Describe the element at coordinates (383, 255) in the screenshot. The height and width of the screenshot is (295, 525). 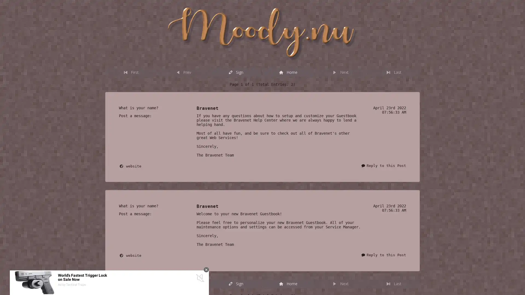
I see `Reply to this Post` at that location.